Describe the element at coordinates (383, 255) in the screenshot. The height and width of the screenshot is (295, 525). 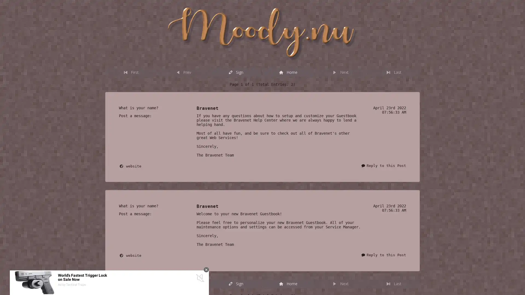
I see `Reply to this Post` at that location.